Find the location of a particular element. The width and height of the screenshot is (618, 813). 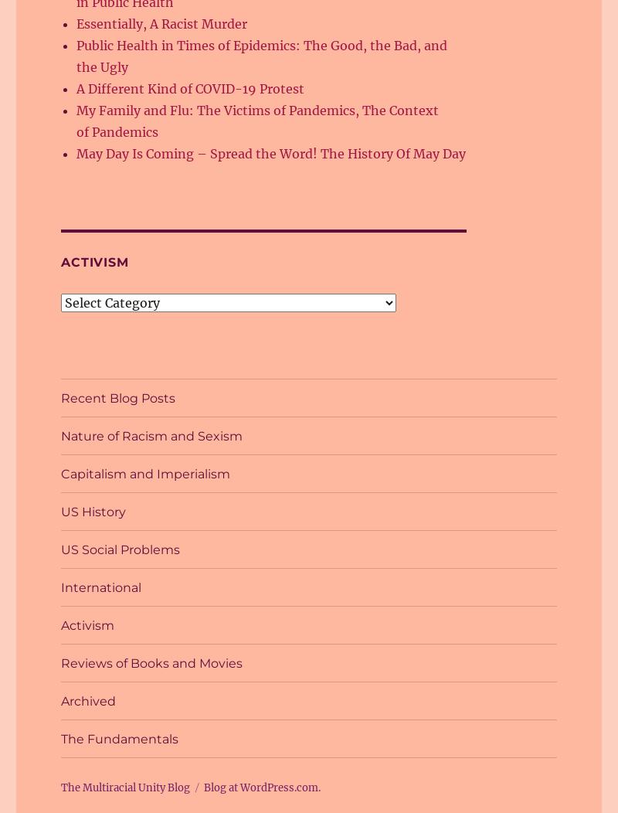

'Recent Blog Posts' is located at coordinates (118, 396).